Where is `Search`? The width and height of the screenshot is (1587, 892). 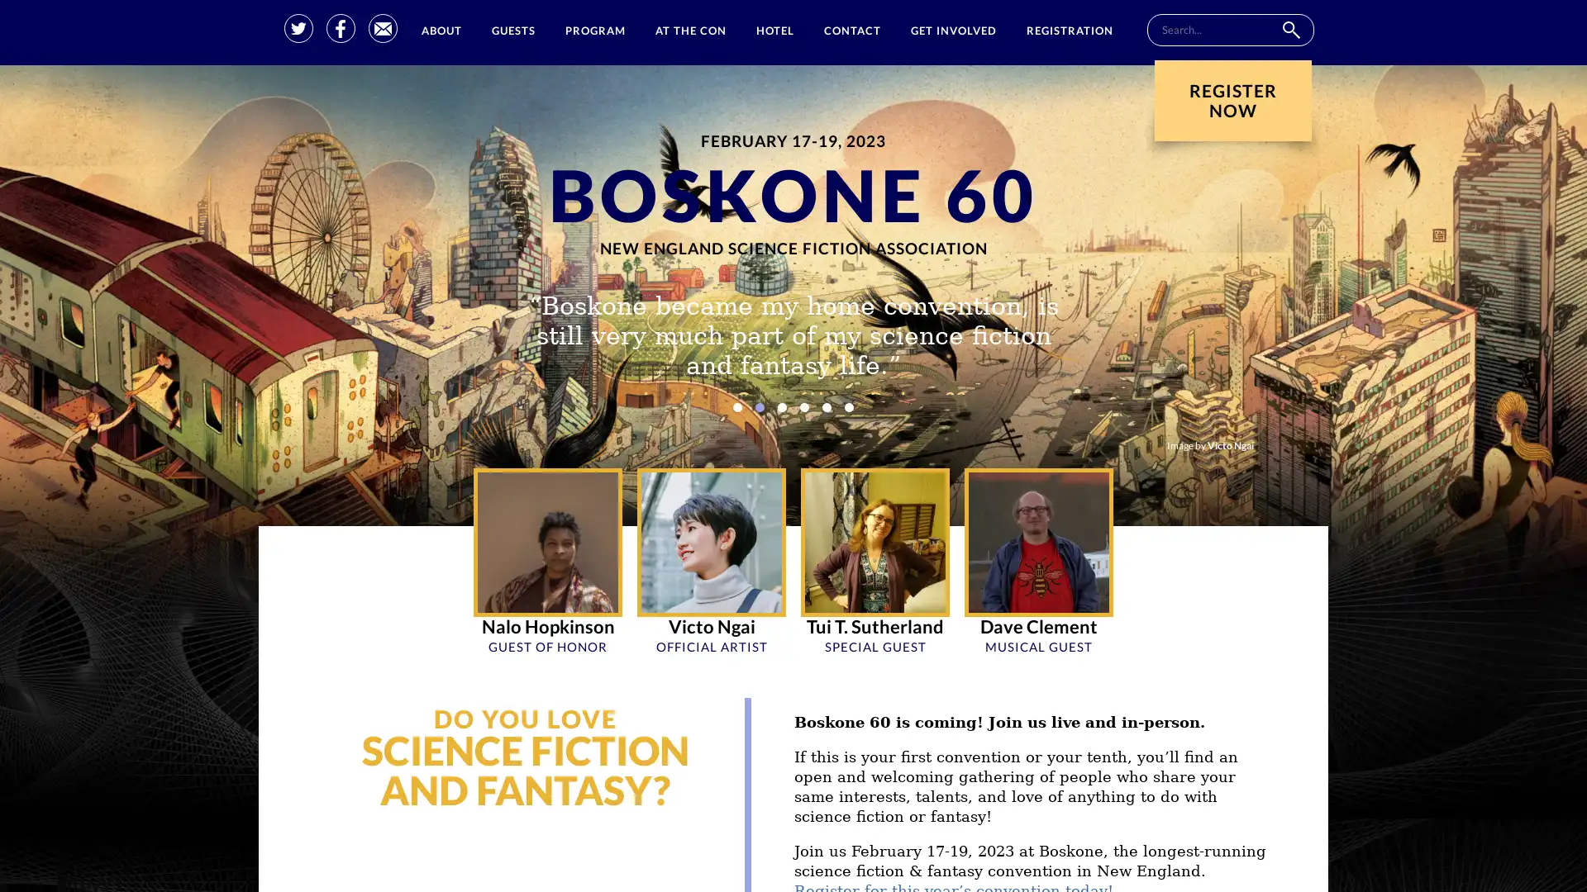
Search is located at coordinates (1289, 30).